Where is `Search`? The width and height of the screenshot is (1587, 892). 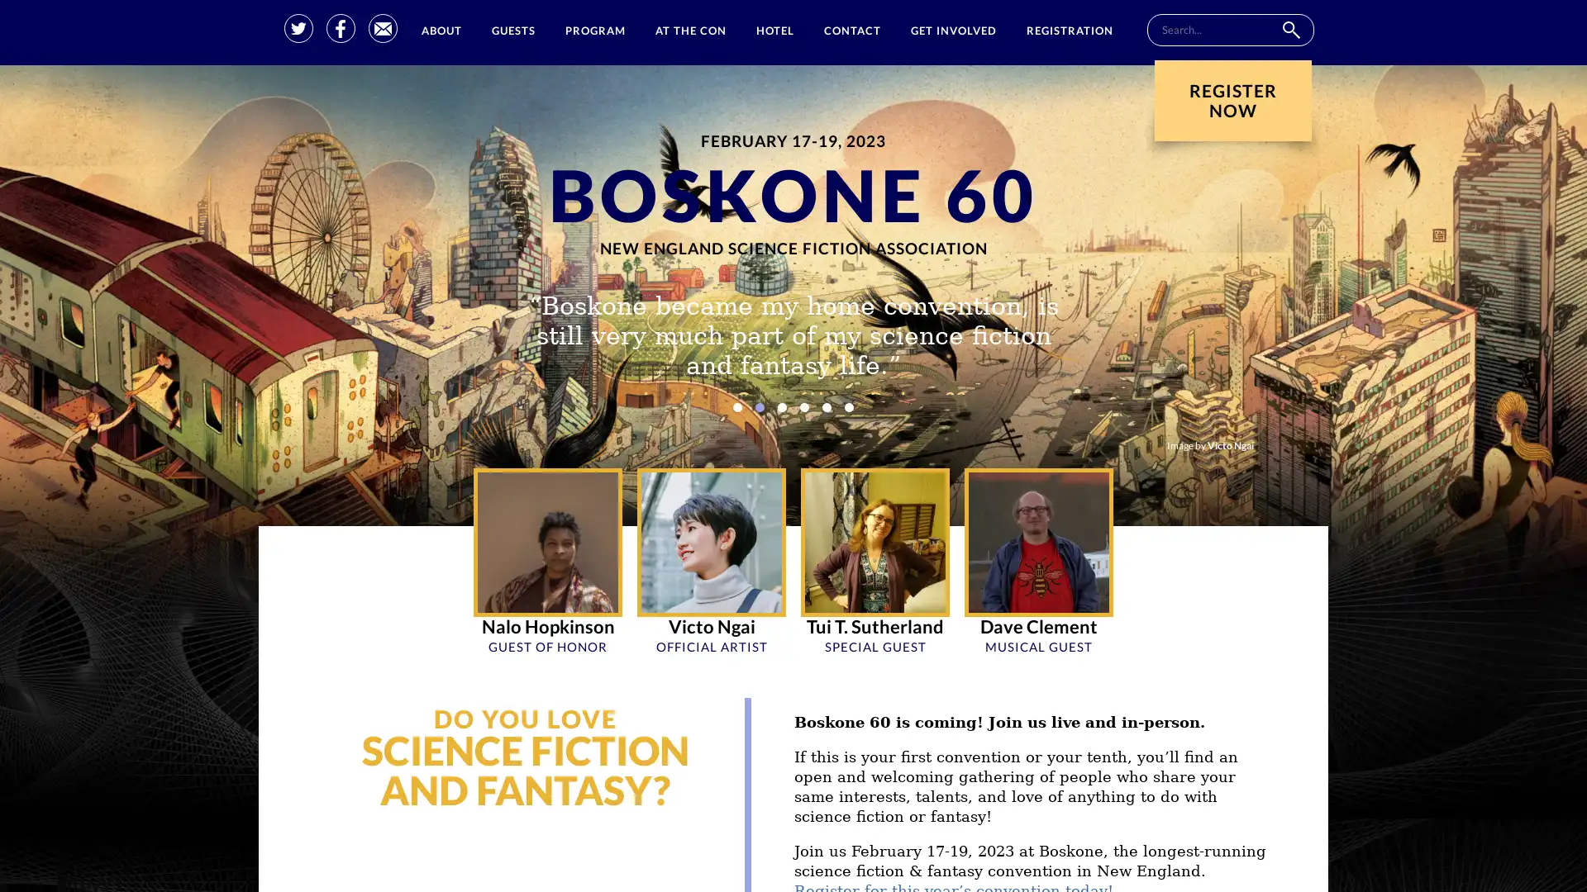
Search is located at coordinates (1289, 30).